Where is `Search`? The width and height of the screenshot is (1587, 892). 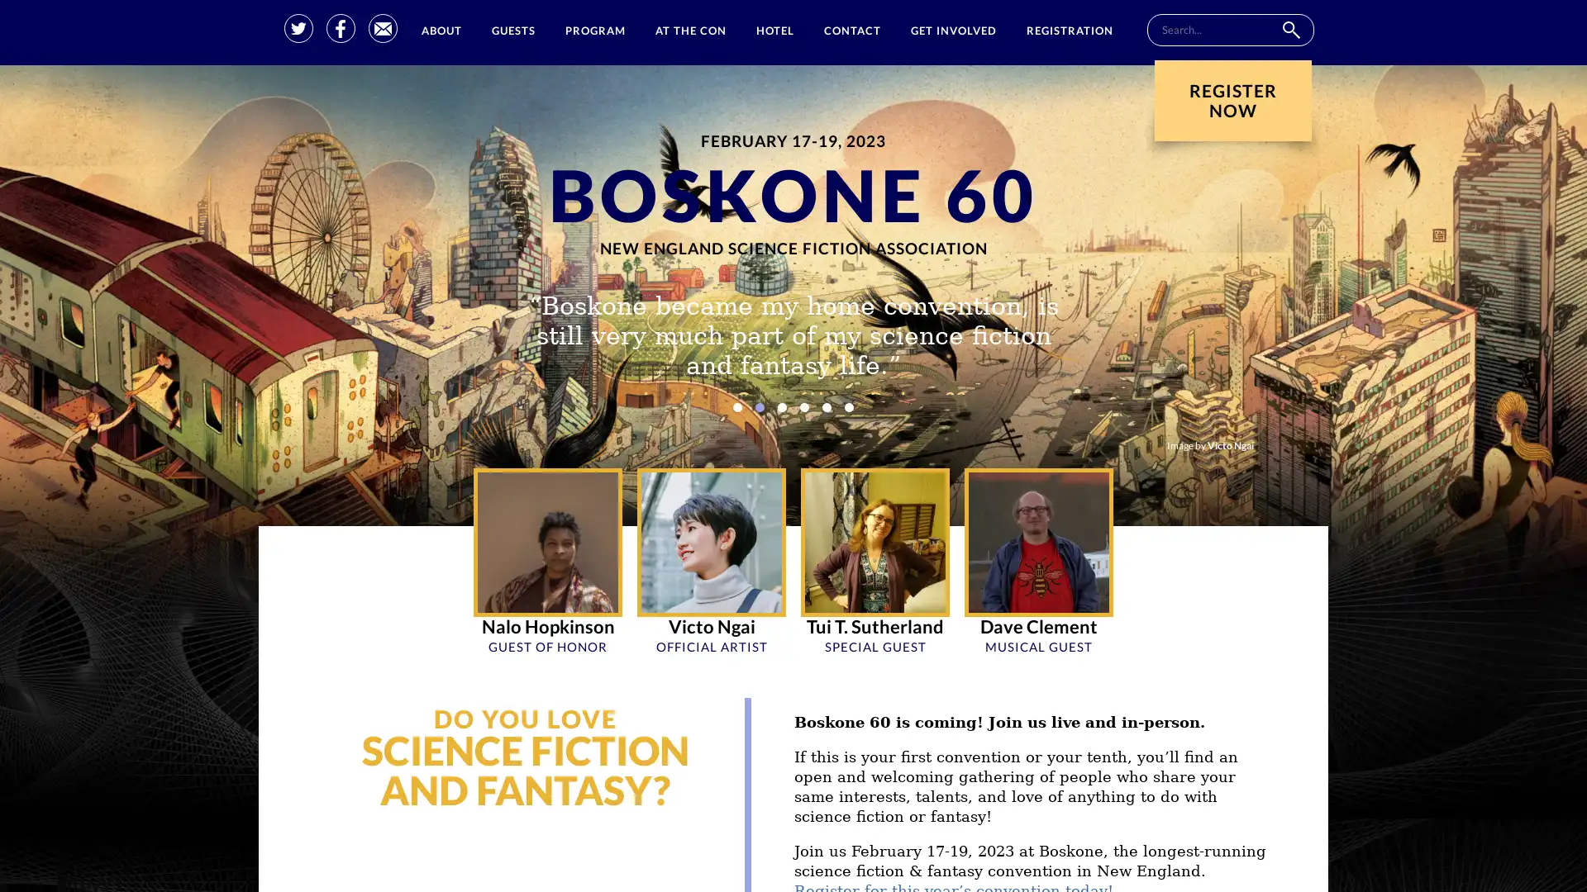
Search is located at coordinates (1289, 30).